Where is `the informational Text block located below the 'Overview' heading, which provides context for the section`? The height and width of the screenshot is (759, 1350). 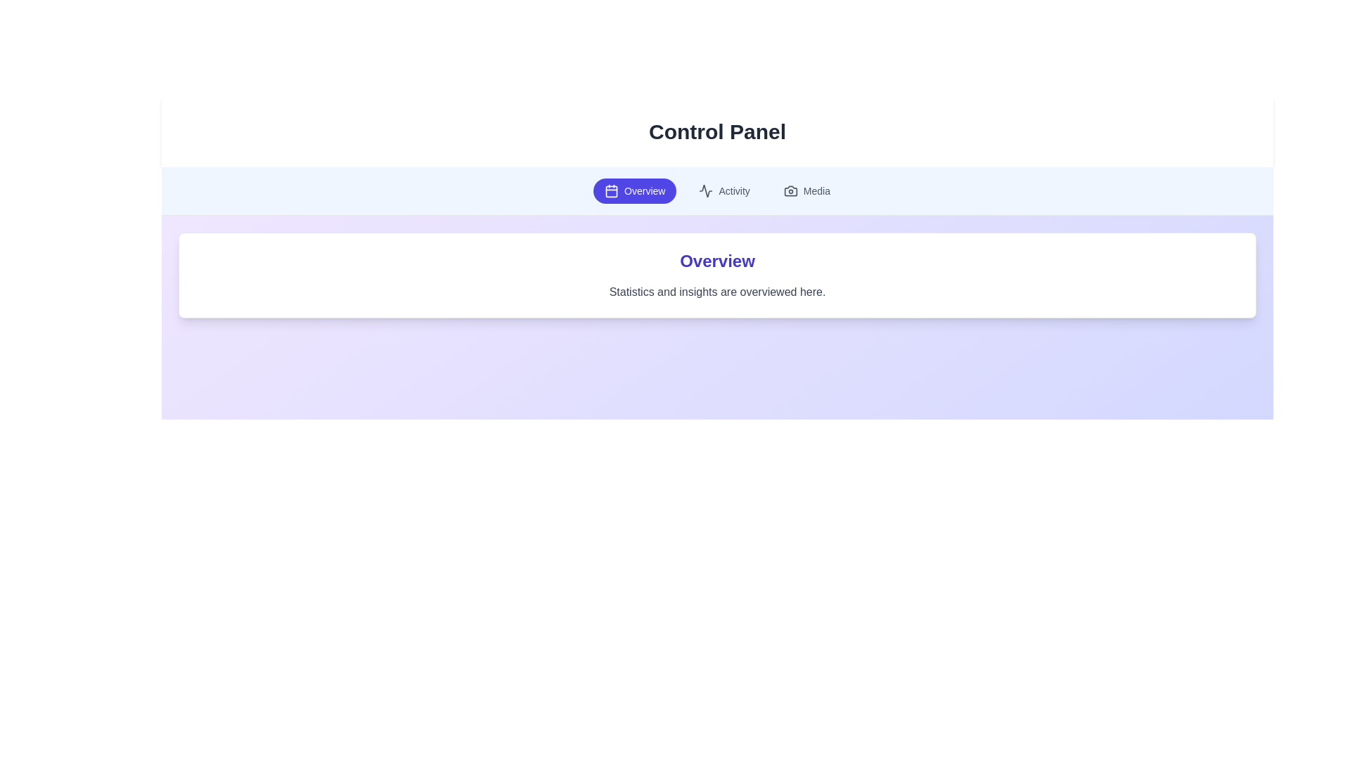
the informational Text block located below the 'Overview' heading, which provides context for the section is located at coordinates (717, 292).